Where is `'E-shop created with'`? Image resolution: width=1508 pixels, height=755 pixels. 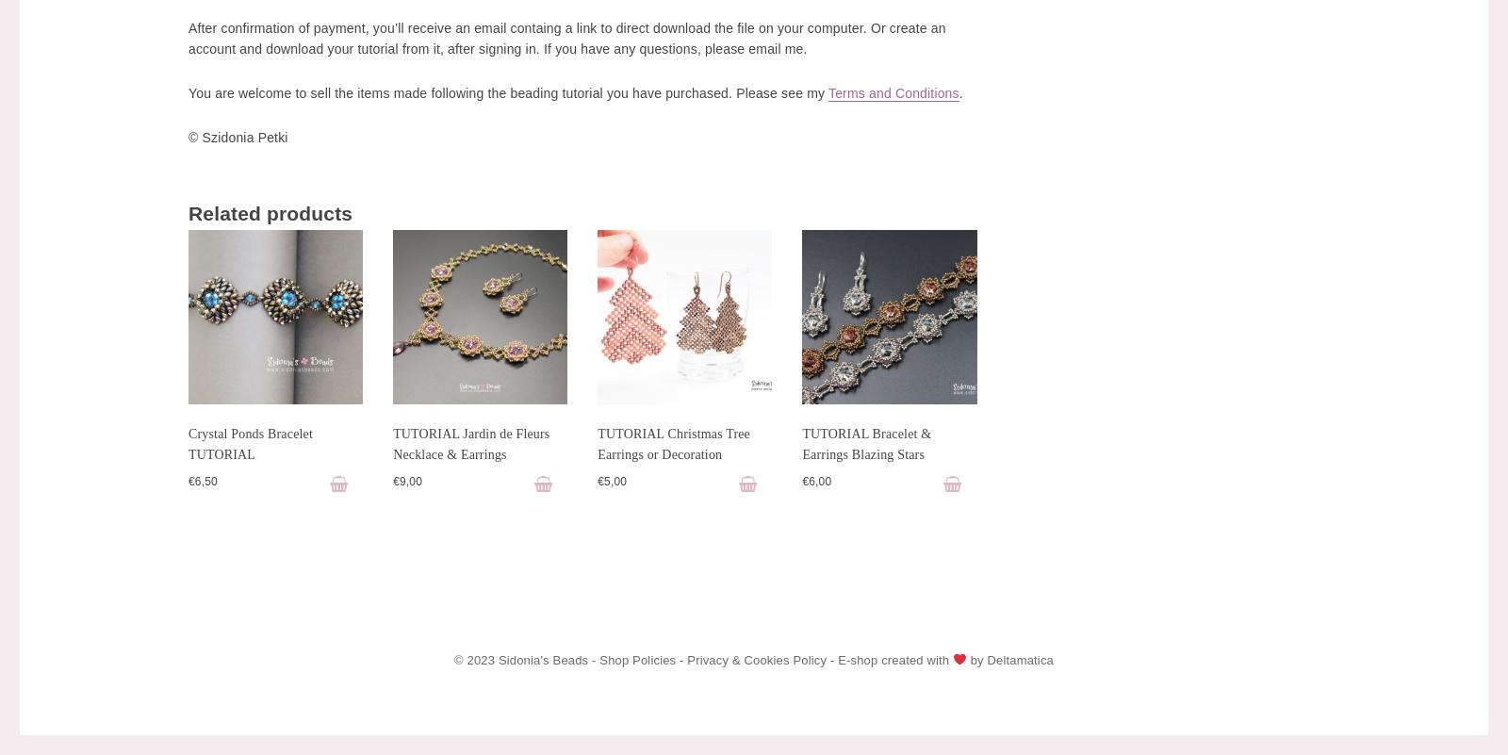 'E-shop created with' is located at coordinates (894, 658).